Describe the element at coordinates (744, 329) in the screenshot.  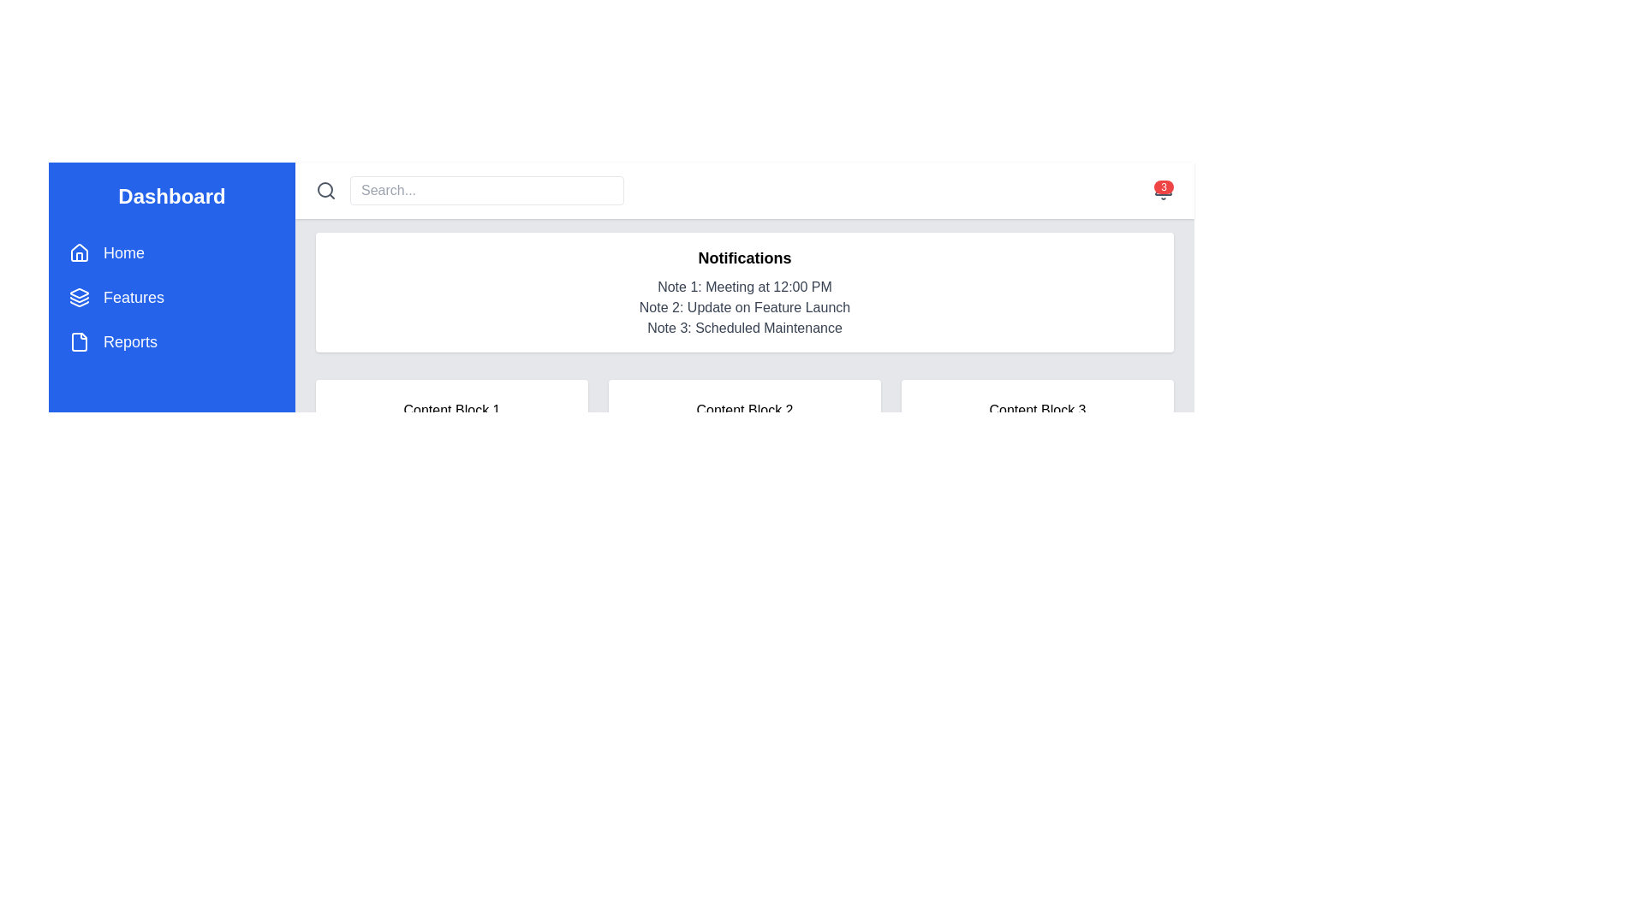
I see `the third text item in the notifications list that provides information about a scheduled maintenance update, located below 'Note 2: Update on Feature Launch'` at that location.